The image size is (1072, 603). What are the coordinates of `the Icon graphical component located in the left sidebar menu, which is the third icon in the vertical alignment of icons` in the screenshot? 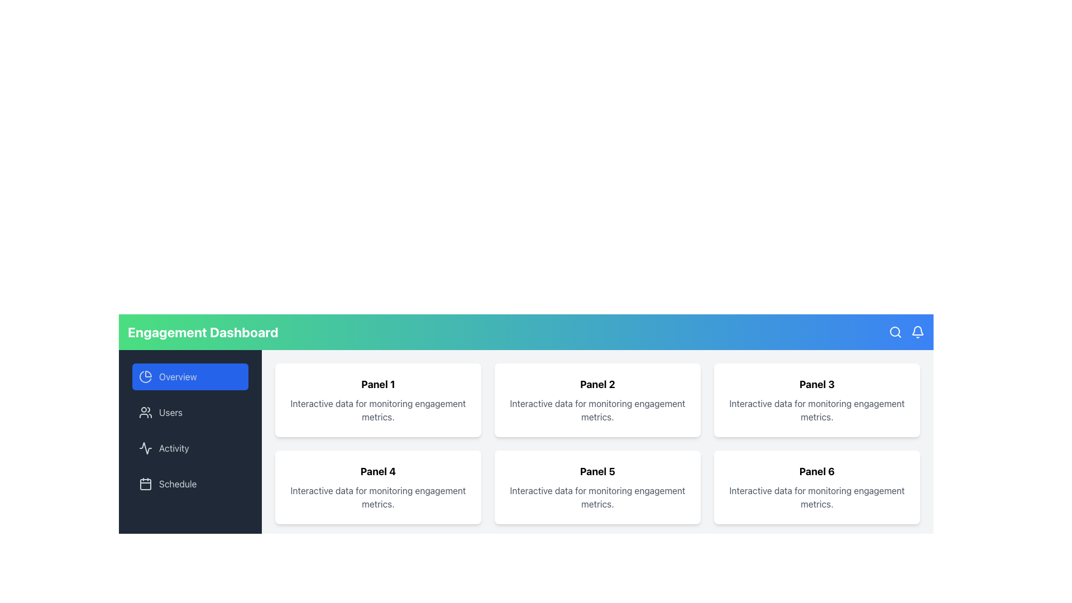 It's located at (145, 447).